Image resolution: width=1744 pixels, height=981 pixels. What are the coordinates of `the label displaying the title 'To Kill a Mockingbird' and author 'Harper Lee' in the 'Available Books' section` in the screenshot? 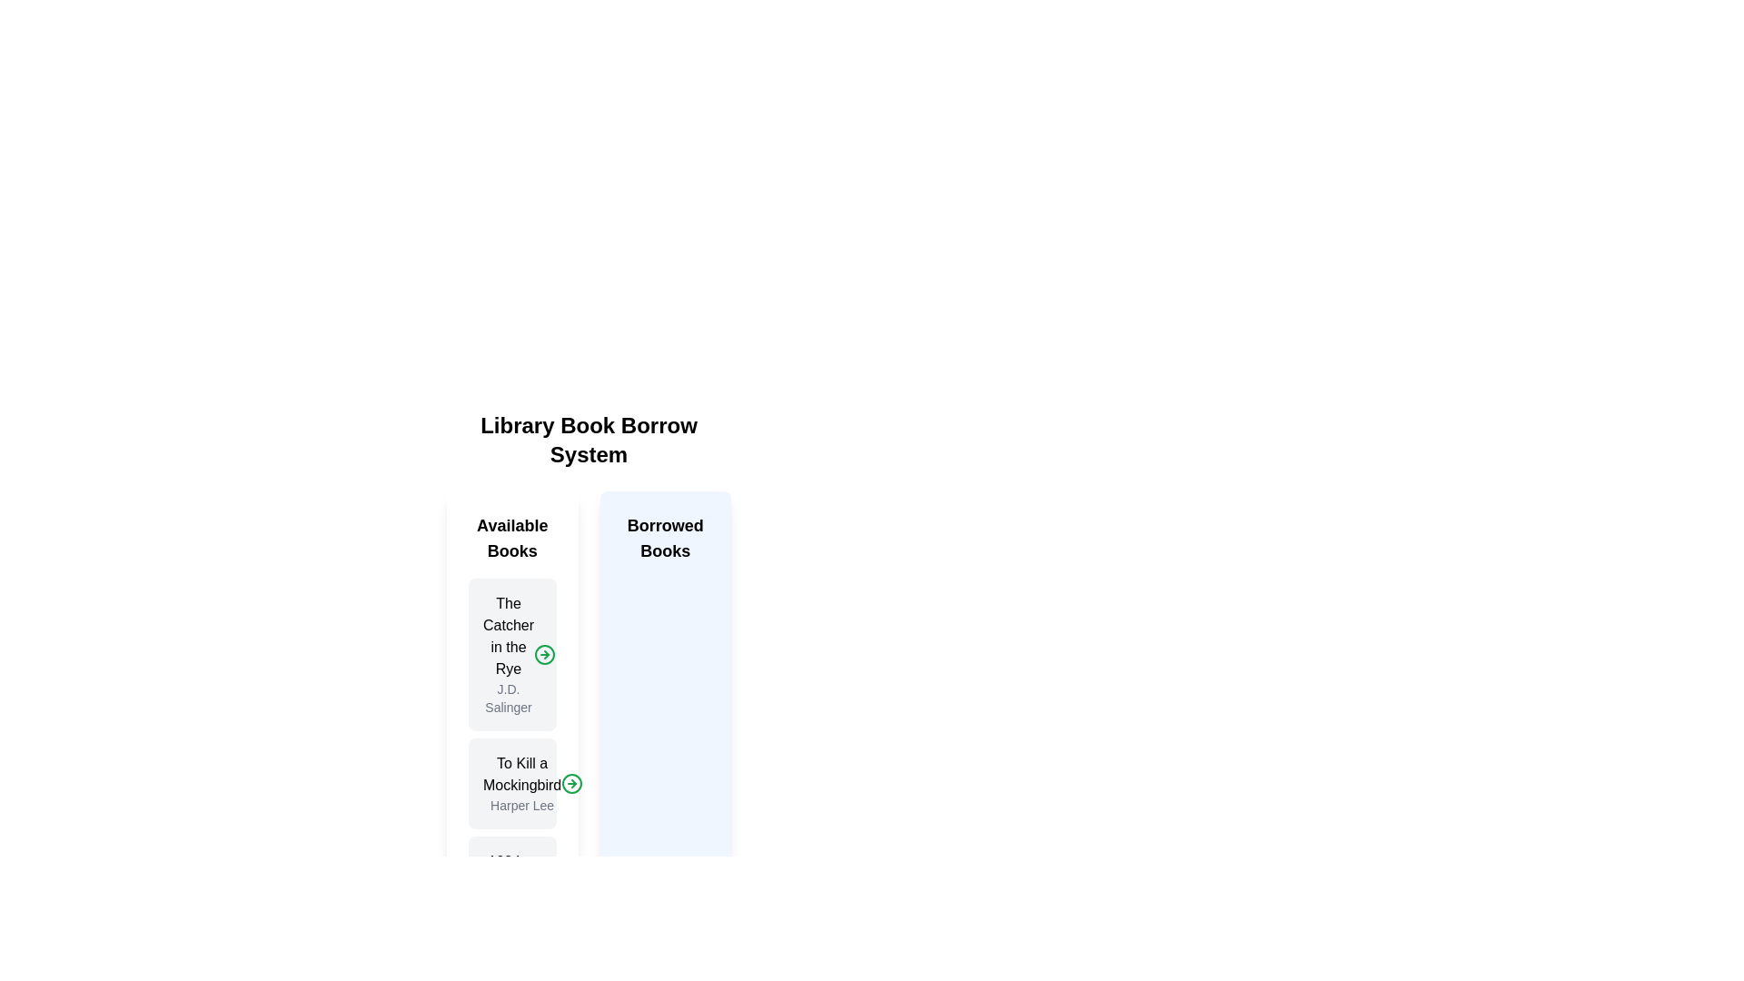 It's located at (521, 783).